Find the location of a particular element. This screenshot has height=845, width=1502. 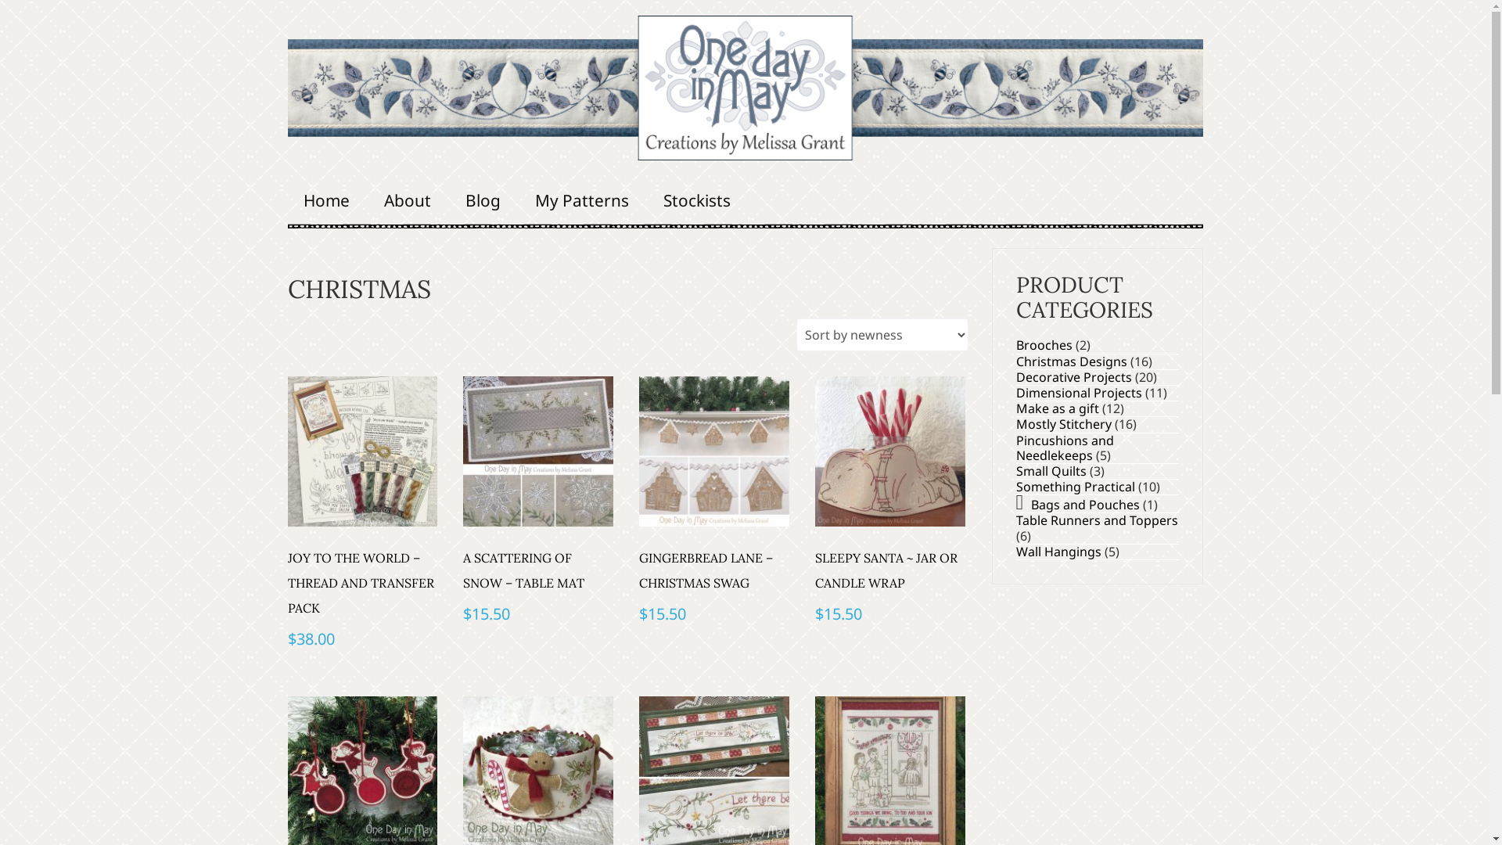

'Dimensional Projects' is located at coordinates (1077, 391).